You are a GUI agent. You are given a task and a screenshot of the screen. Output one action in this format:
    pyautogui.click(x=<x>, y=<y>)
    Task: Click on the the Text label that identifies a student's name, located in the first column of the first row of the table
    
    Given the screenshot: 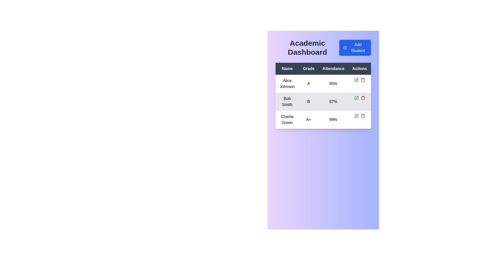 What is the action you would take?
    pyautogui.click(x=287, y=83)
    